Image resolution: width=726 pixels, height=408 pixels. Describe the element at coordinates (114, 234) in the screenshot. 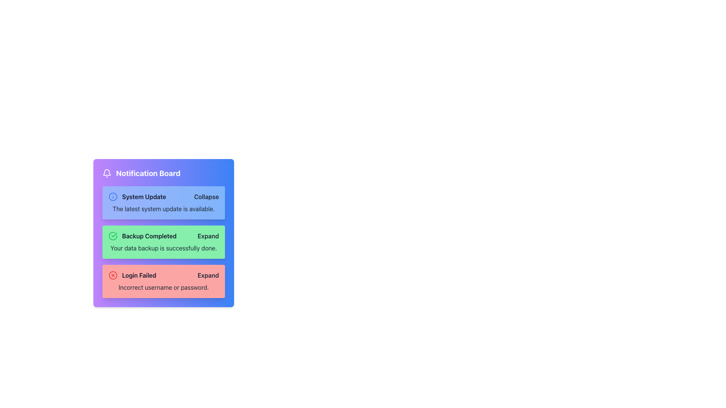

I see `the green checkmark icon within the 'Backup Completed' notification card, located to the left of the text and adjacent to the 'Expand' button` at that location.